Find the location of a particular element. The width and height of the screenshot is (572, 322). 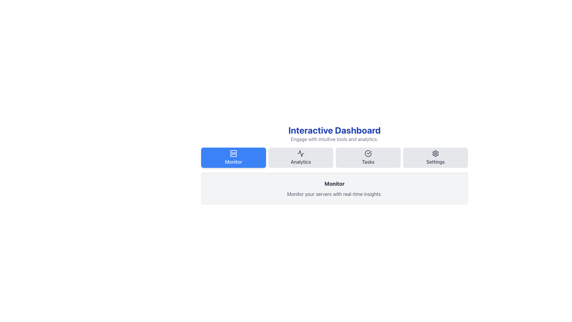

the static textual element that provides additional information about the 'Interactive Dashboard', located near the top center of the interface below the heading is located at coordinates (335, 139).